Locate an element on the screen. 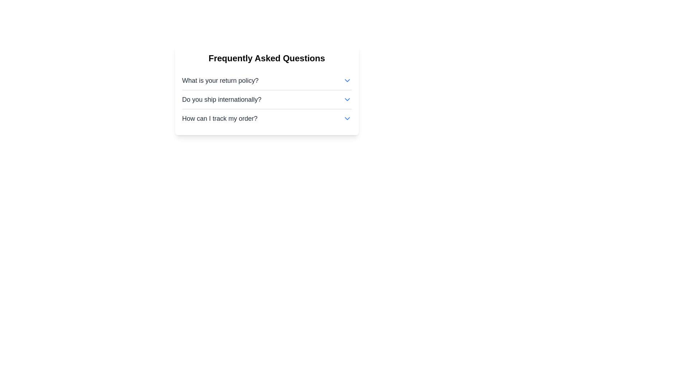 The image size is (689, 387). the question list section containing the FAQs: 'What is your return policy?', 'Do you ship internationally?', and 'How can I track my order?' is located at coordinates (266, 99).